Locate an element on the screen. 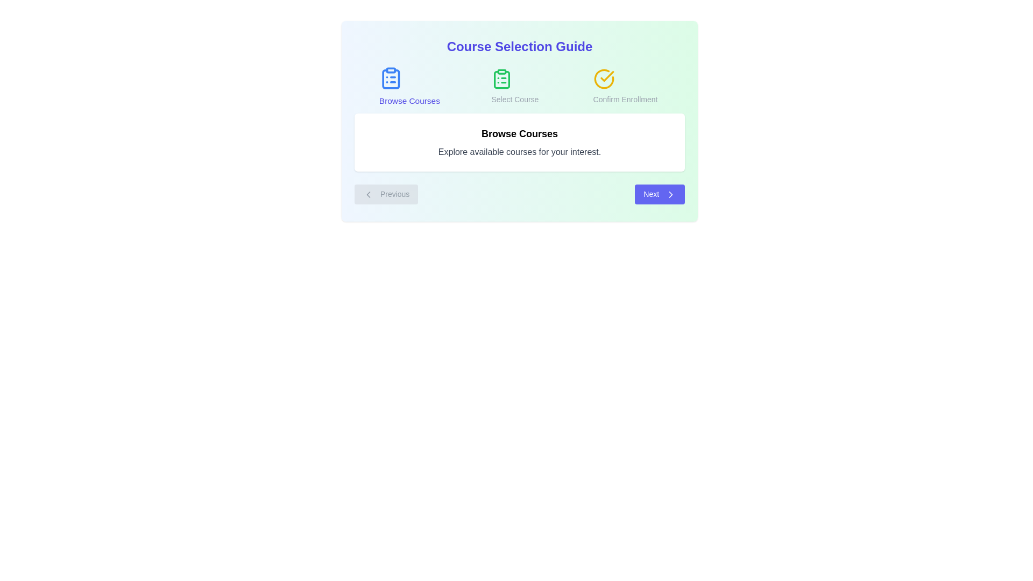 The image size is (1033, 581). the step titled 'Browse Courses' by clicking on its icon or title is located at coordinates (408, 86).